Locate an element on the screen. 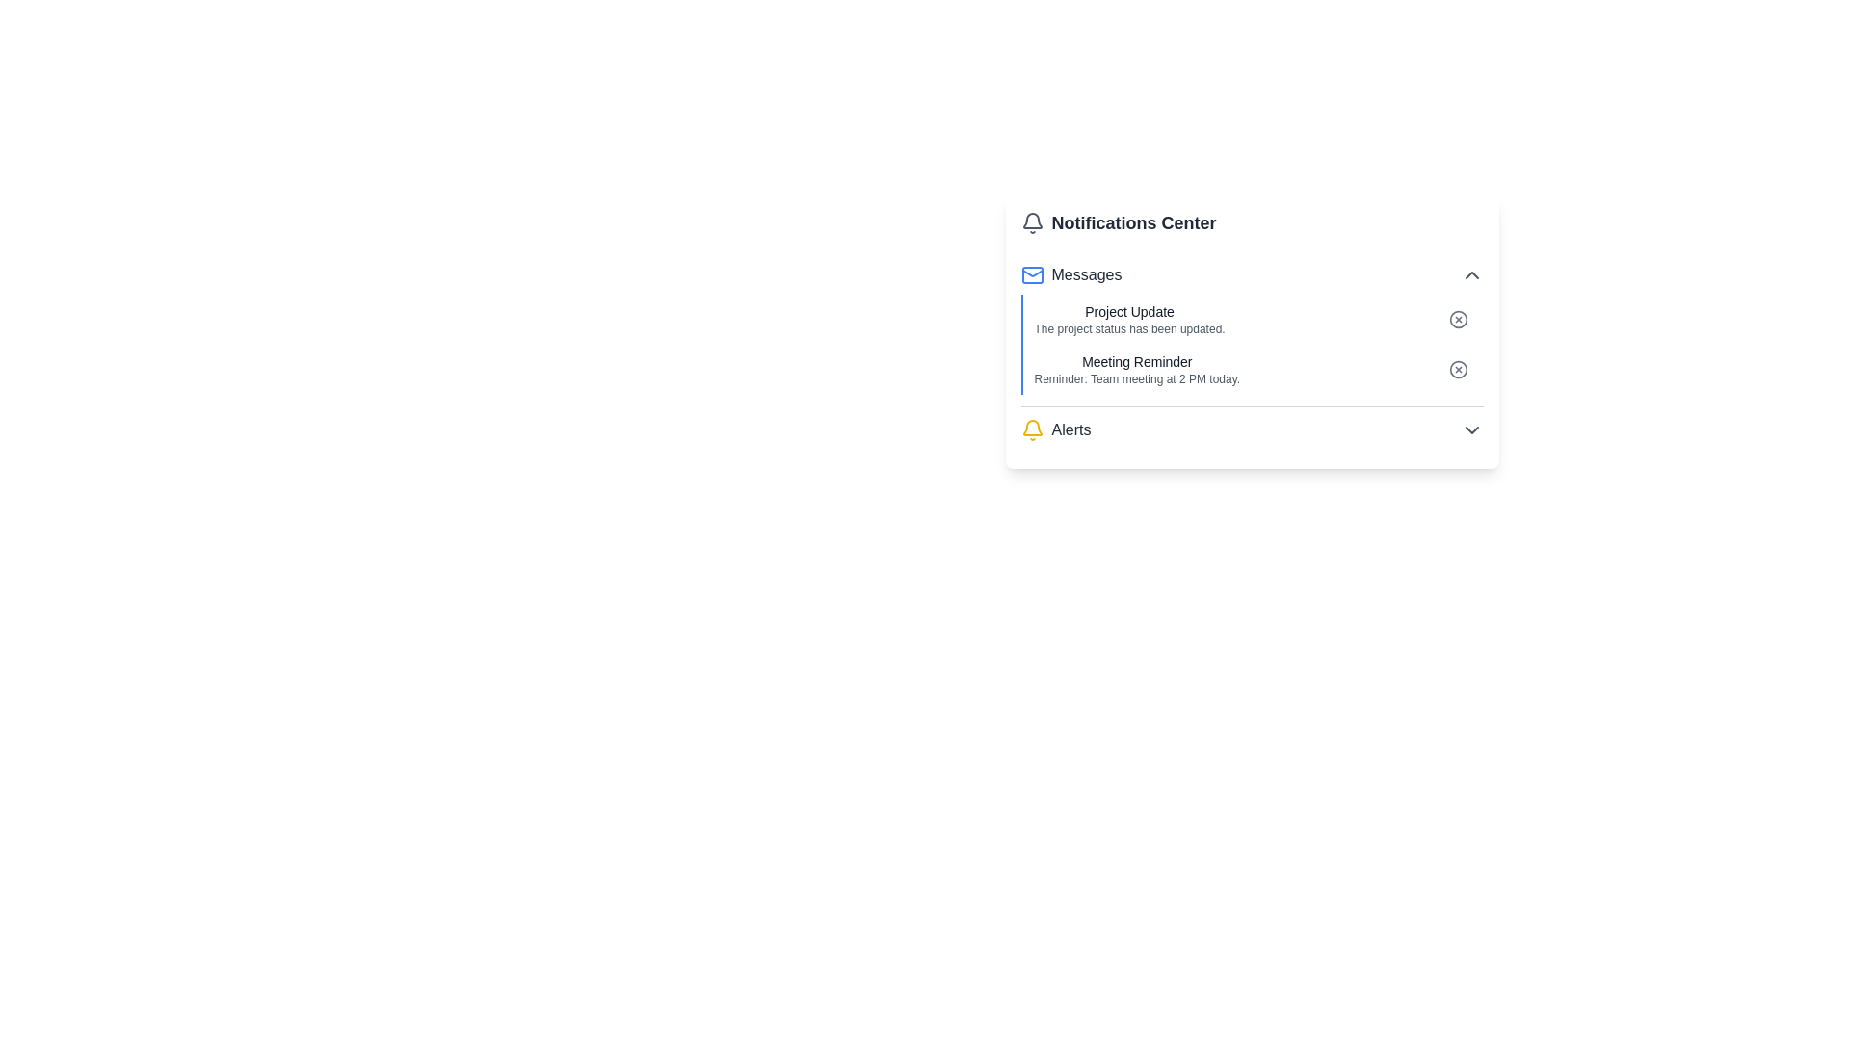  the delete or dismiss icon located in the 'Messages' section of the Notifications Center panel is located at coordinates (1458, 318).